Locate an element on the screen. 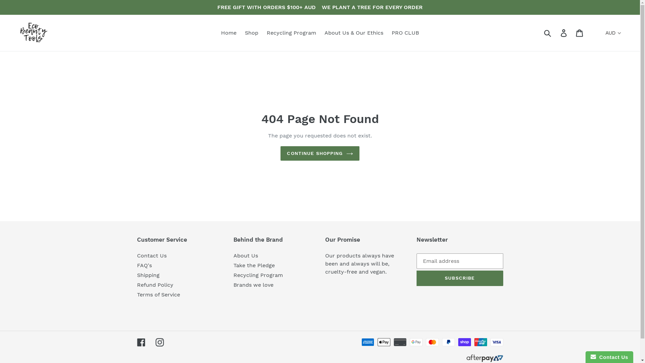  'About Us' is located at coordinates (233, 255).